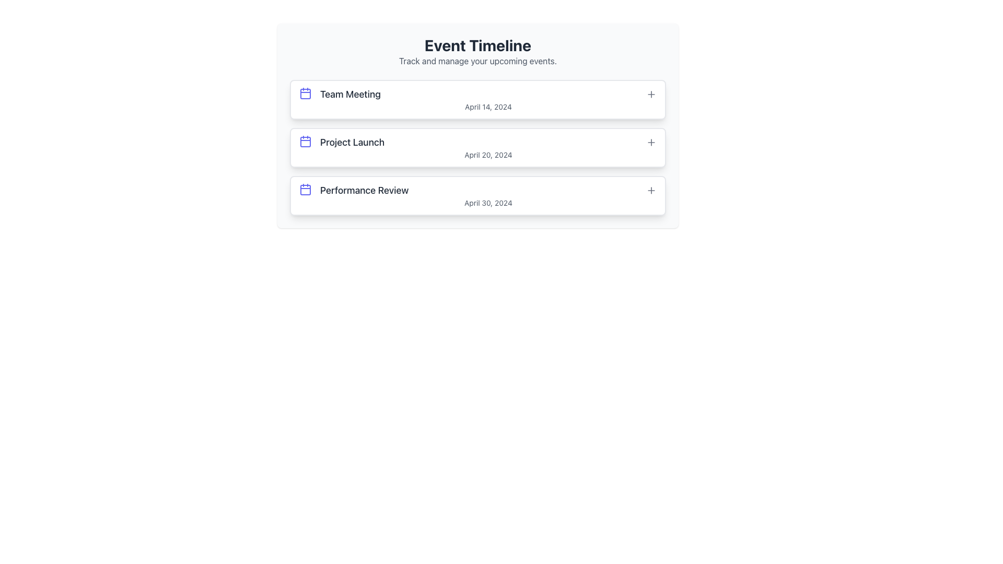  Describe the element at coordinates (651, 191) in the screenshot. I see `the icon-based button at the far-right end of the 'Performance Review' row in the 'Event Timeline' section` at that location.